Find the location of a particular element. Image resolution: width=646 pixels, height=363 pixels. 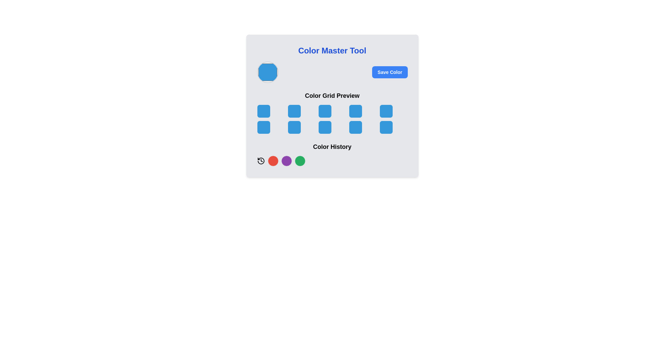

text content of the header labeled 'Color Grid Preview', which is styled with a bold font and positioned above the color preview grid is located at coordinates (332, 96).